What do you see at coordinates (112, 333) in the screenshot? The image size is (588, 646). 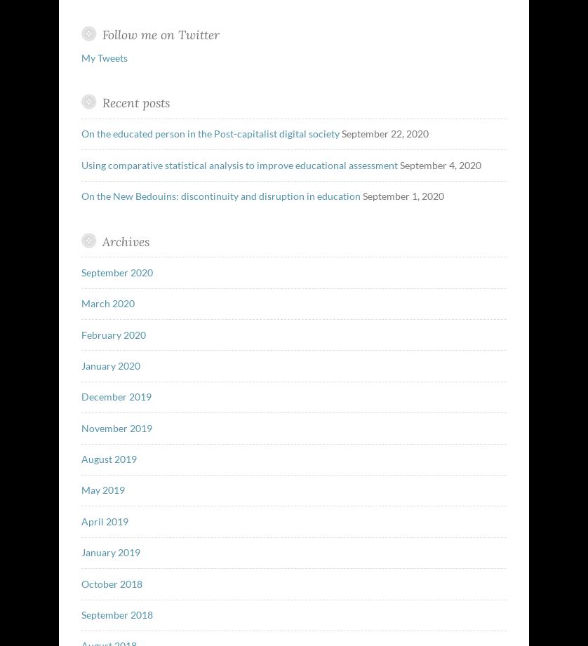 I see `'February 2020'` at bounding box center [112, 333].